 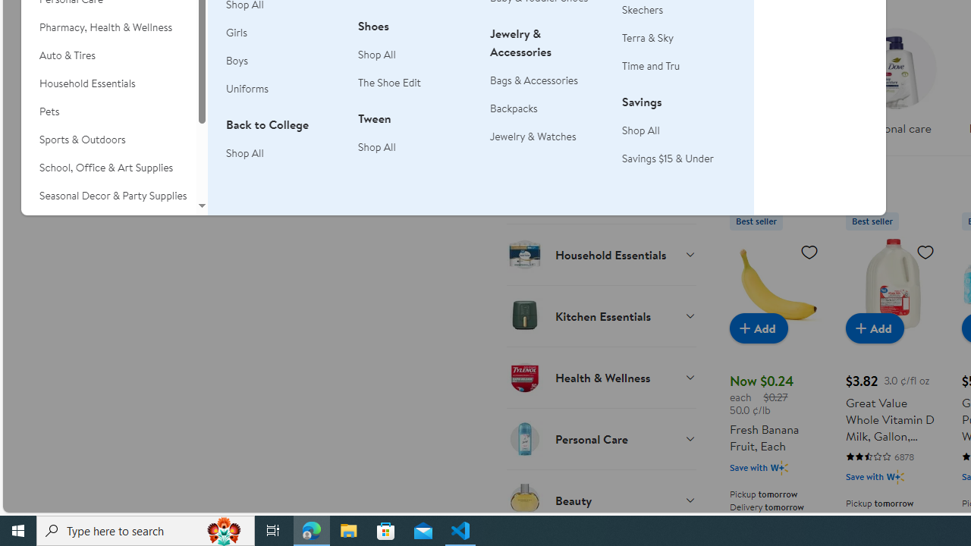 What do you see at coordinates (108, 111) in the screenshot?
I see `'Pets'` at bounding box center [108, 111].